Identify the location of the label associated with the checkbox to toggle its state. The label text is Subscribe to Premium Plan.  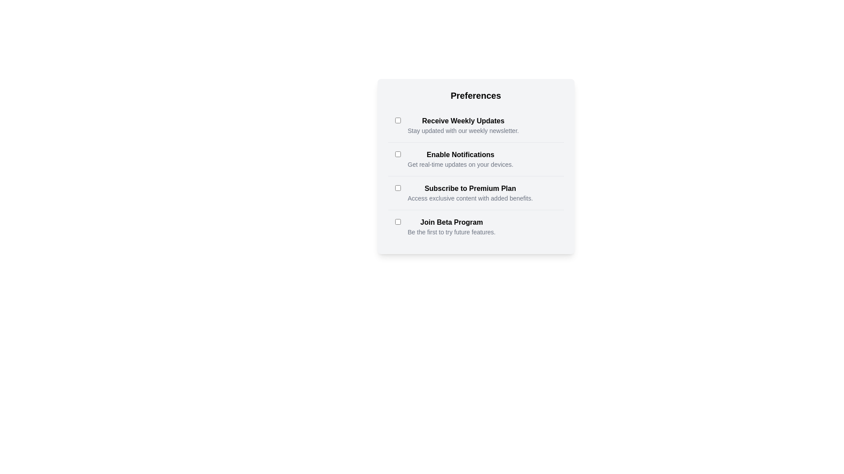
(469, 188).